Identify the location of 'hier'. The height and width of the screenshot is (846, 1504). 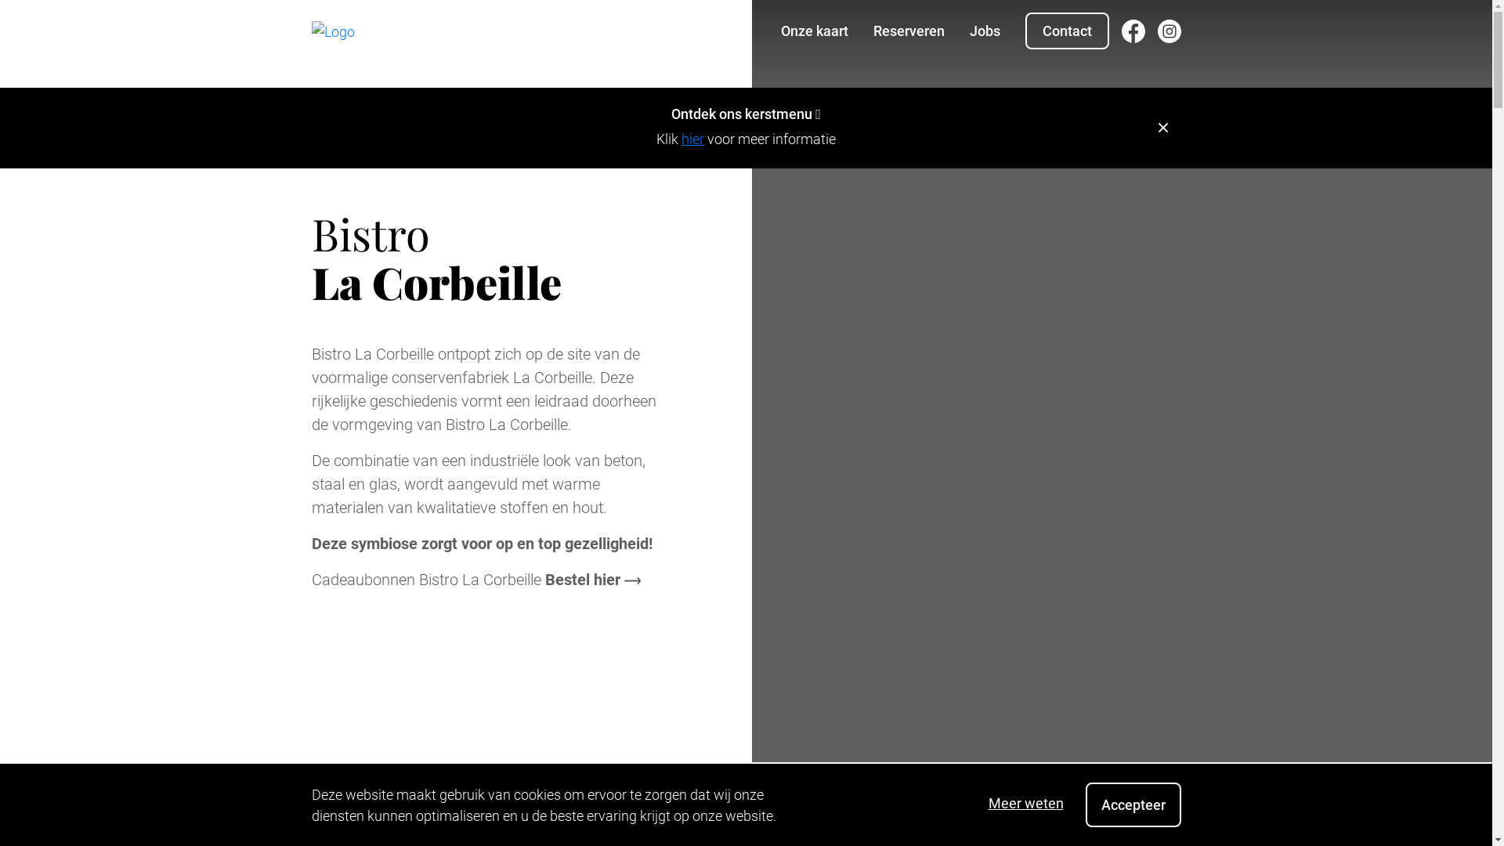
(681, 138).